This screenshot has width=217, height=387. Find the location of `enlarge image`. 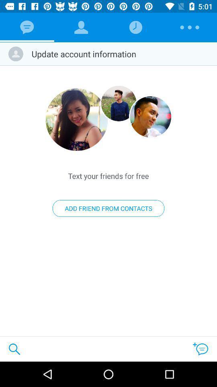

enlarge image is located at coordinates (77, 119).